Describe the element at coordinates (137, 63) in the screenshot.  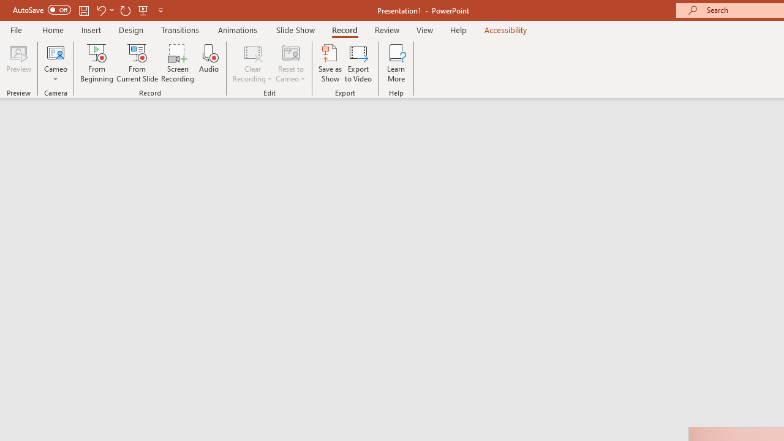
I see `'From Current Slide...'` at that location.